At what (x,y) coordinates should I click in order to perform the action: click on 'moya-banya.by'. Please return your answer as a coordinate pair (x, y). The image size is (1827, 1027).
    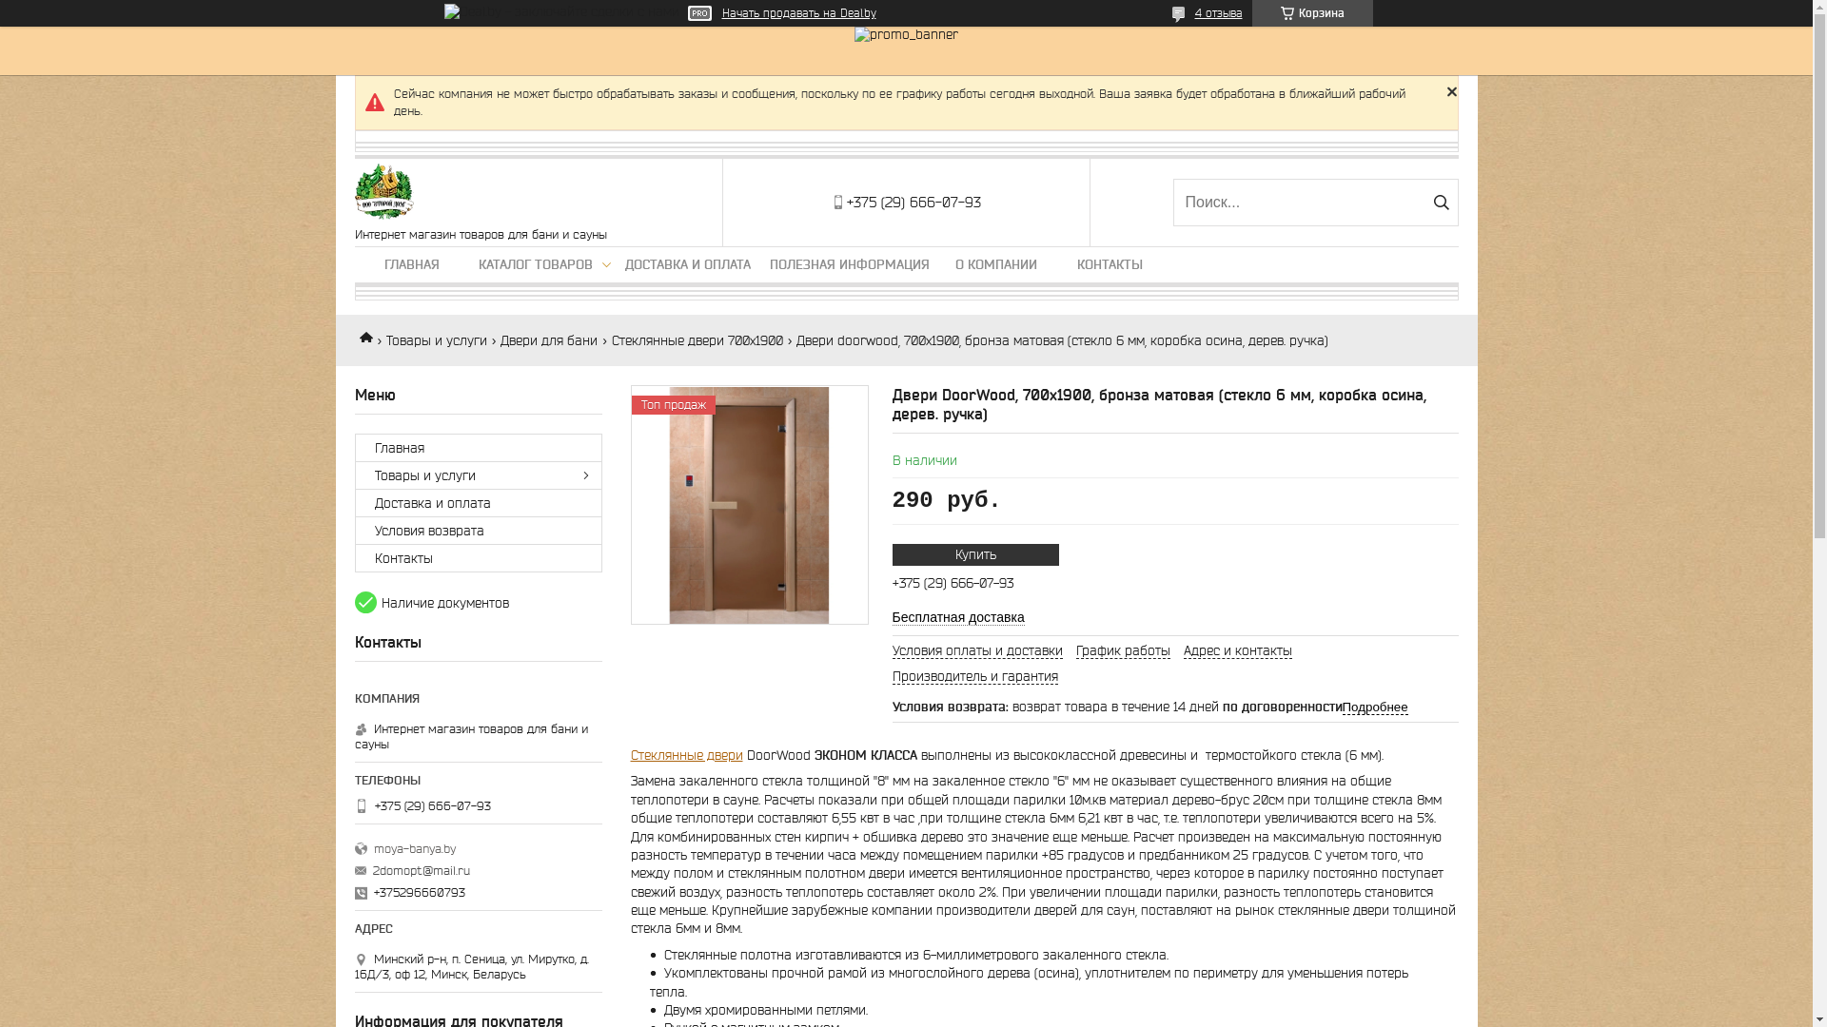
    Looking at the image, I should click on (467, 848).